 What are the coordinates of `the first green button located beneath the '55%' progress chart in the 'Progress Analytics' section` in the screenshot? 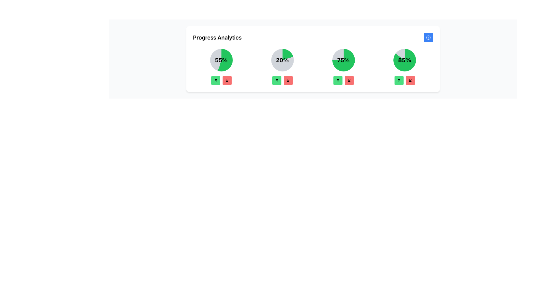 It's located at (215, 80).